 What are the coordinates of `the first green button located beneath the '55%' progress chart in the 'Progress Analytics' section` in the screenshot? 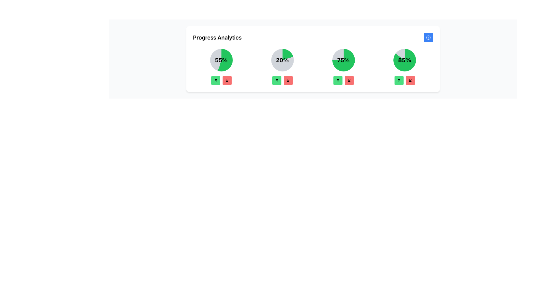 It's located at (215, 80).